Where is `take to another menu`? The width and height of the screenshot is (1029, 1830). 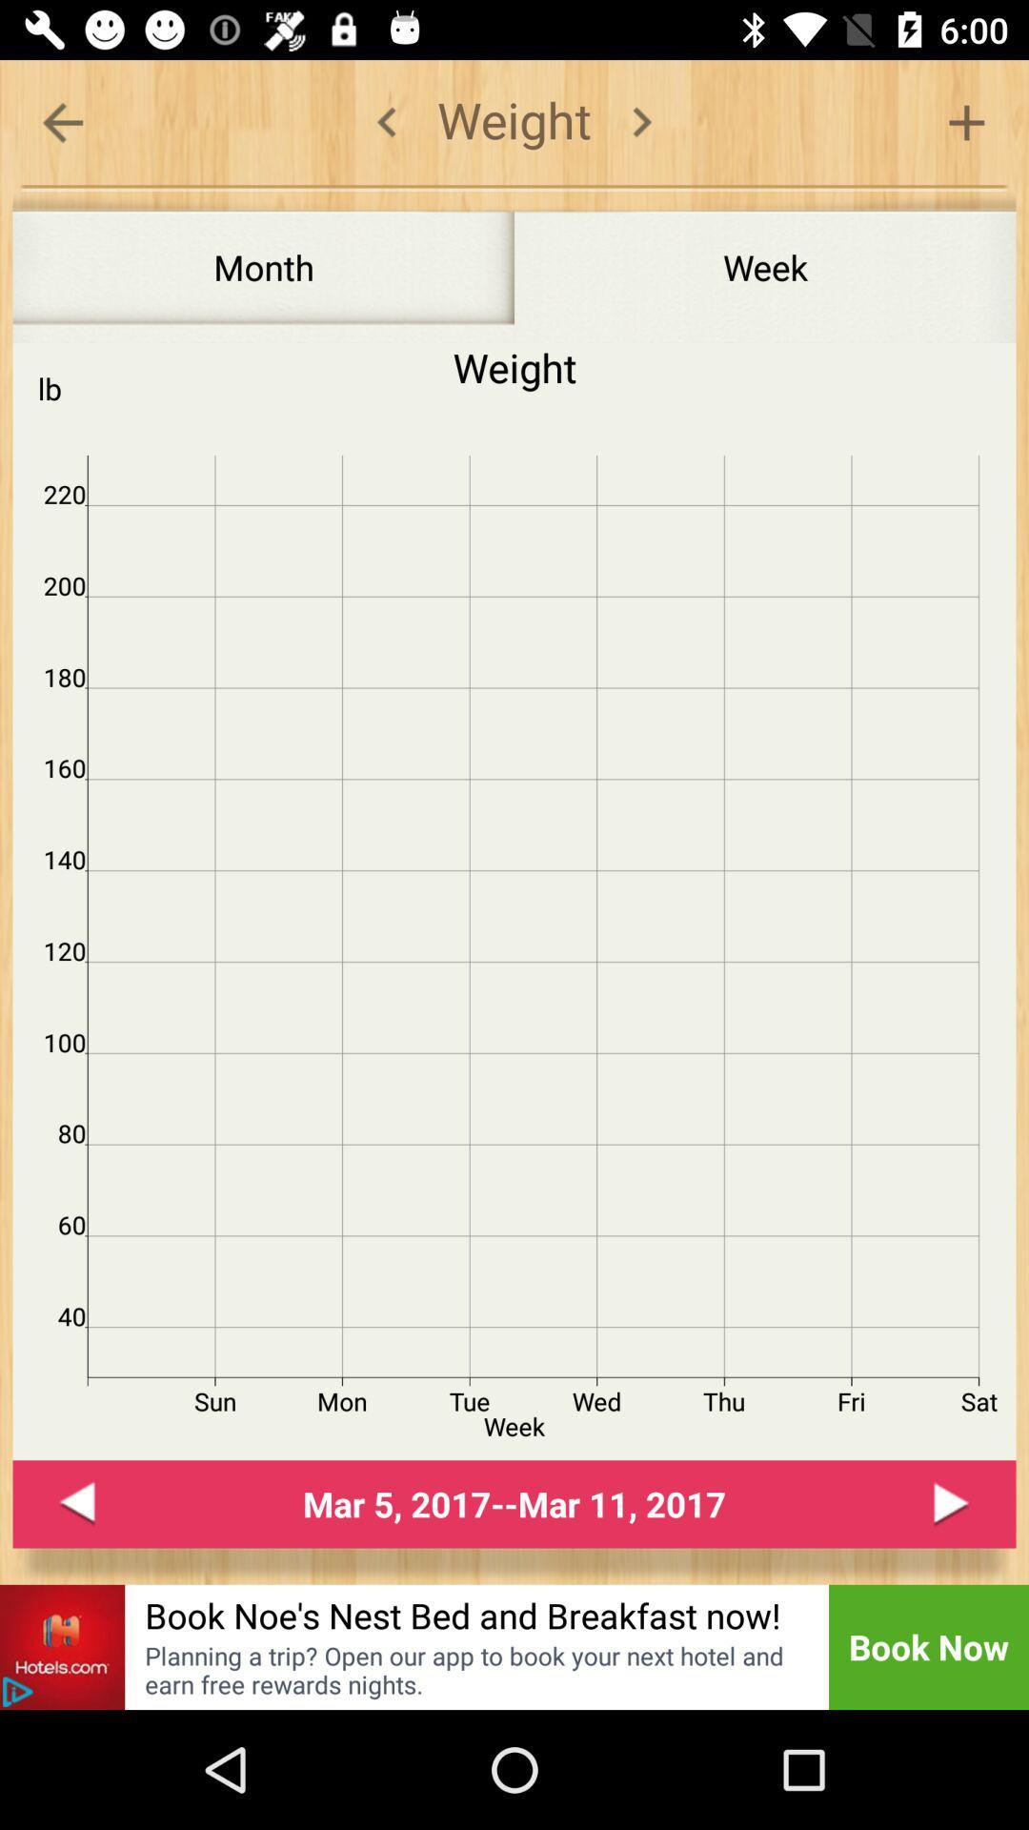
take to another menu is located at coordinates (61, 121).